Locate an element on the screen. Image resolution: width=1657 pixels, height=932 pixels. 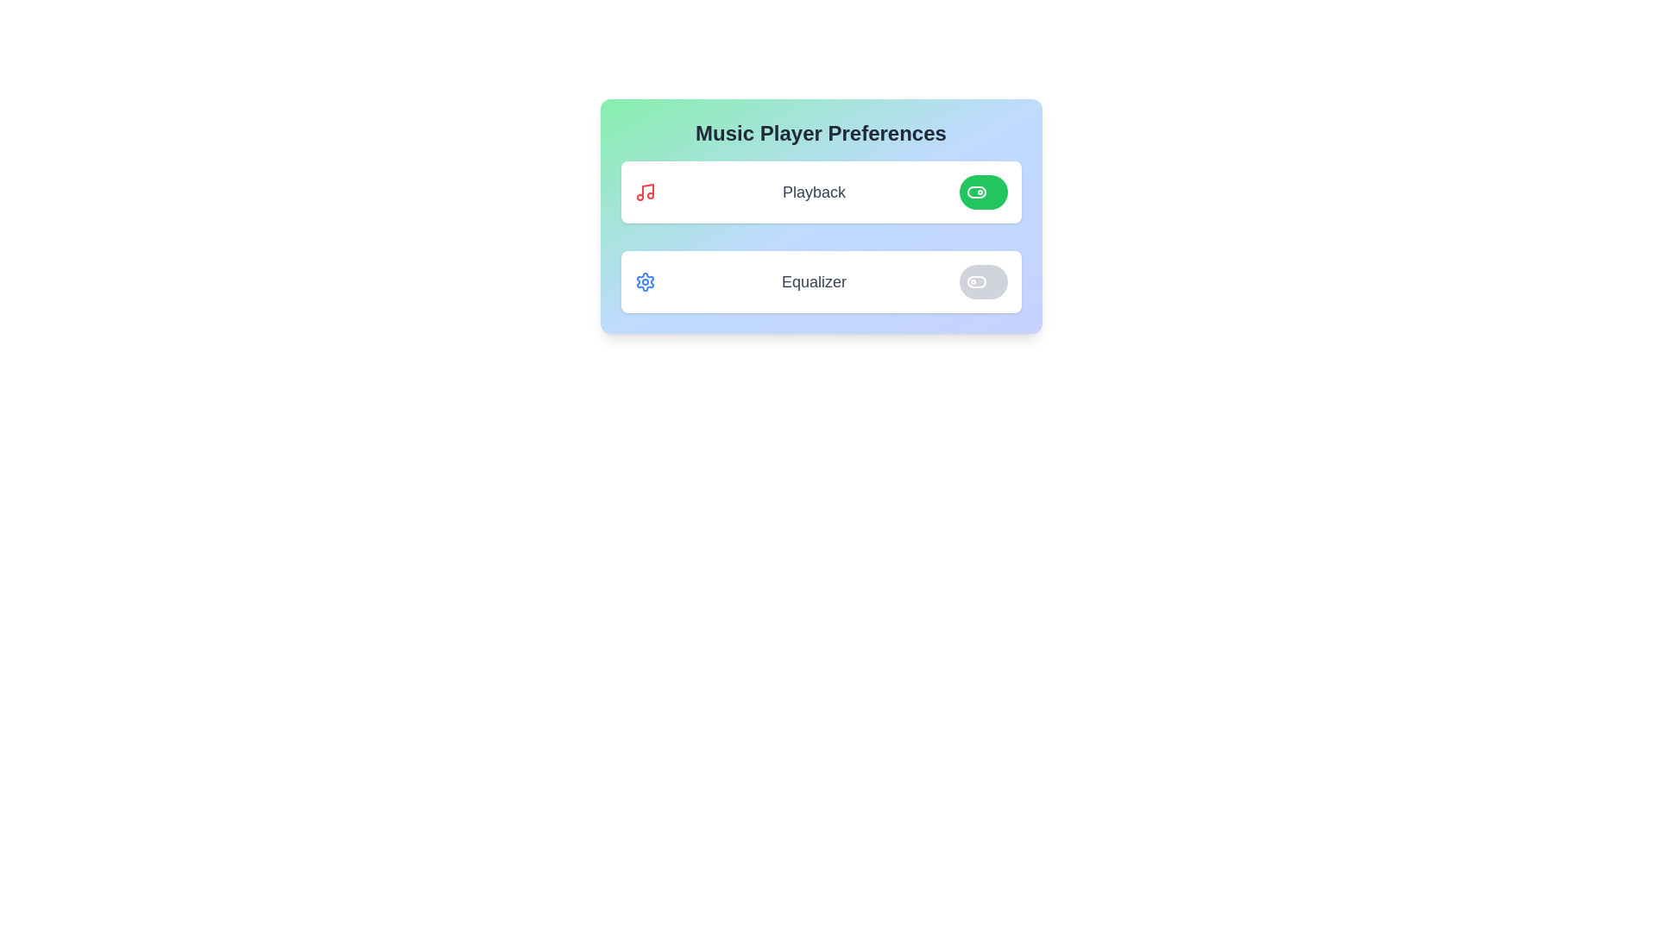
the toggle switch for the 'Equalizer' setting in the 'Music Player Preferences' section is located at coordinates (976, 281).